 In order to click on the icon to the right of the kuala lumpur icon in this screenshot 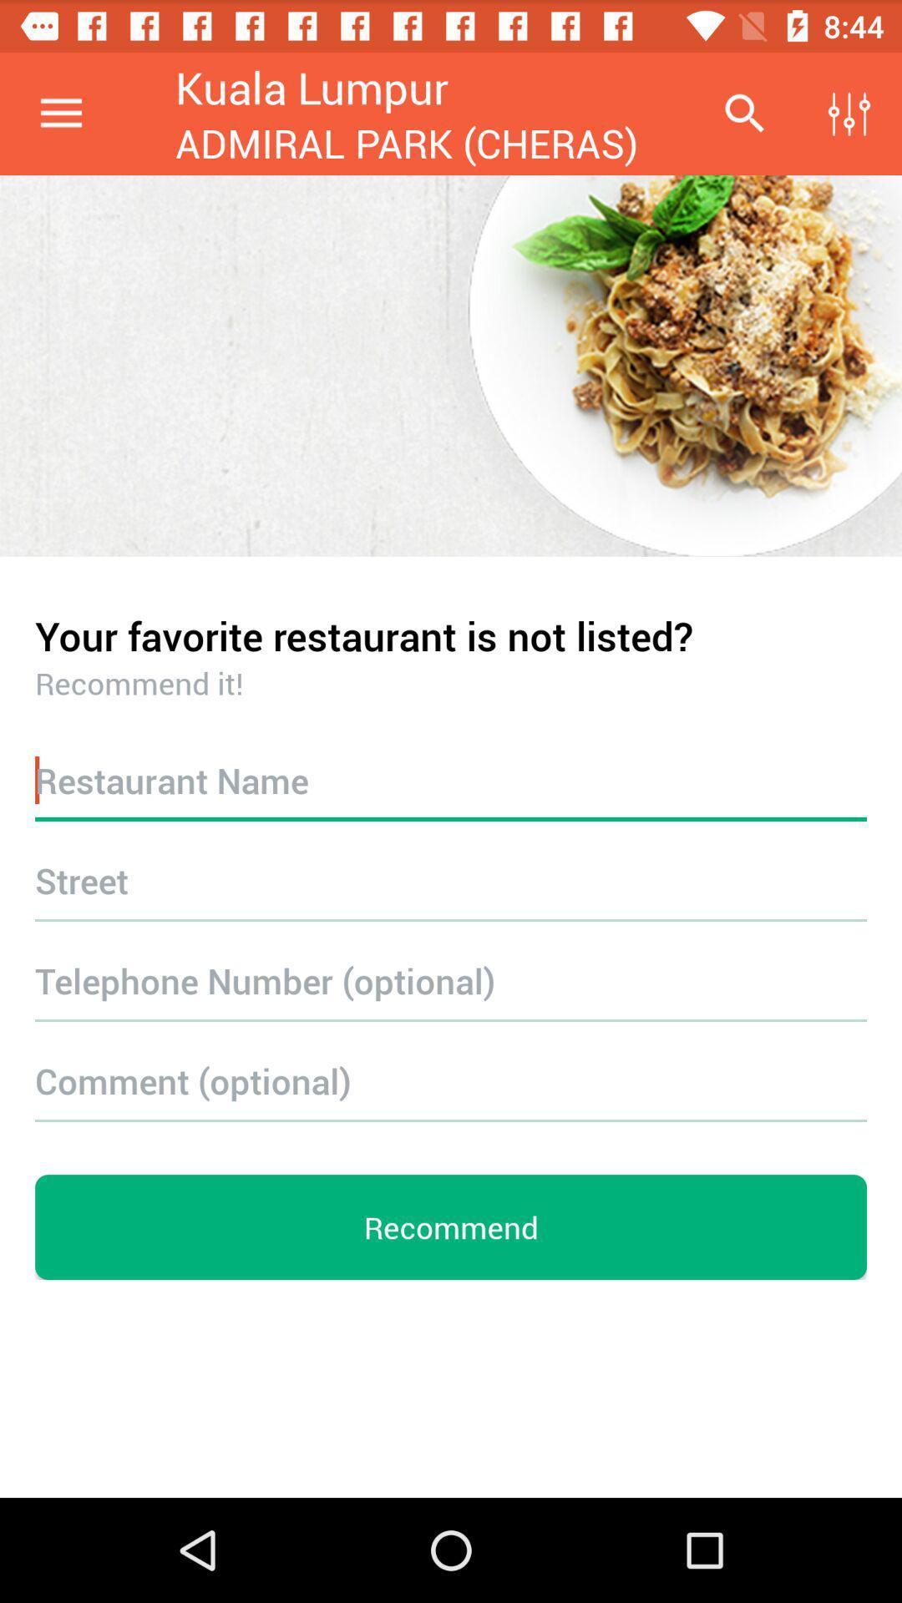, I will do `click(743, 113)`.